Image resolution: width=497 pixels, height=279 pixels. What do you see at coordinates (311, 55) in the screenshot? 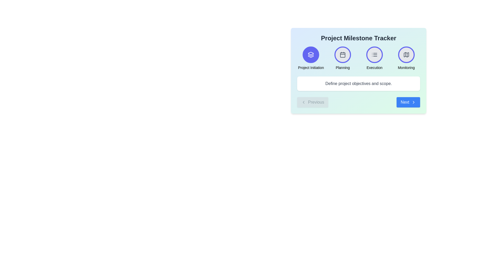
I see `the central stacking icon` at bounding box center [311, 55].